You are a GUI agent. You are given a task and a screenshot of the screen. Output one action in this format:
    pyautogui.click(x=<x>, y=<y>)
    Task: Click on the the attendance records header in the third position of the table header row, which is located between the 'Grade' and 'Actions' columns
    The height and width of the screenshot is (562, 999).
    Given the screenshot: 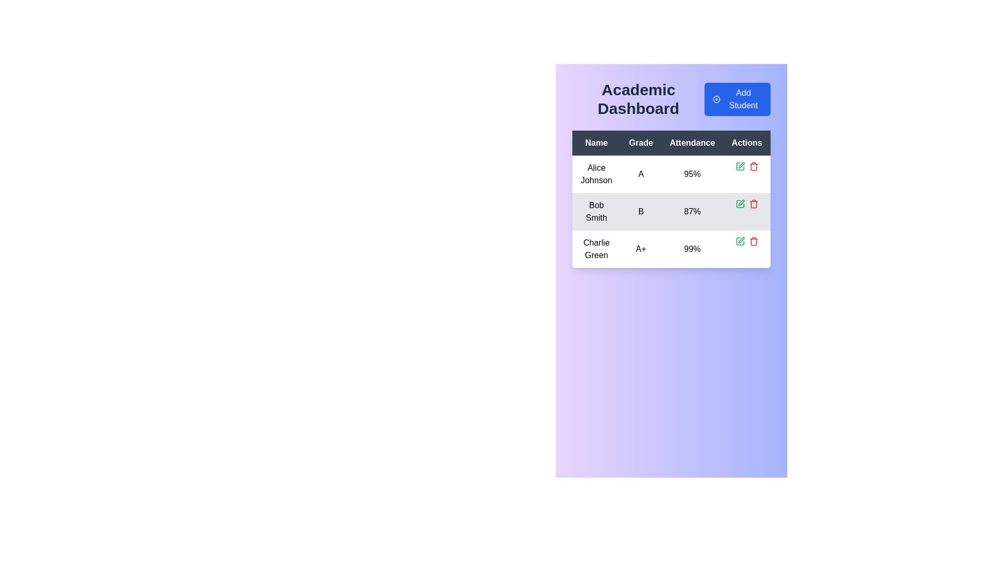 What is the action you would take?
    pyautogui.click(x=692, y=143)
    